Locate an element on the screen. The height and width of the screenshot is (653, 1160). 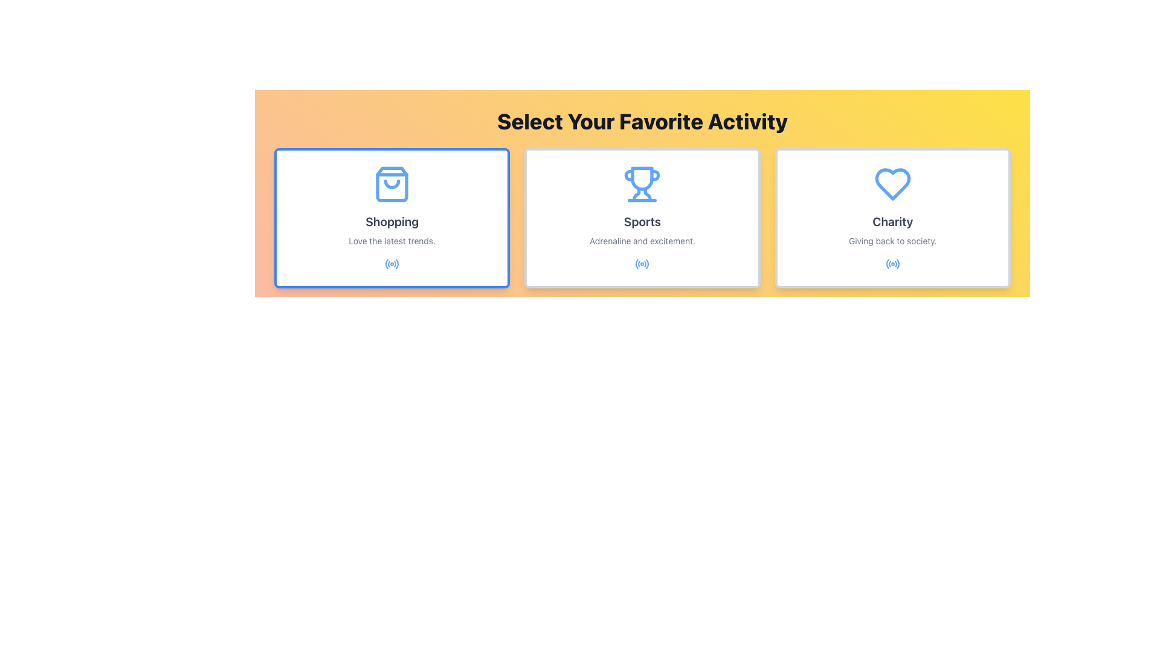
the text label displaying 'Charity' which is styled in bold gray font and is located in the third box under the heading 'Select Your Favorite Activity' is located at coordinates (892, 221).